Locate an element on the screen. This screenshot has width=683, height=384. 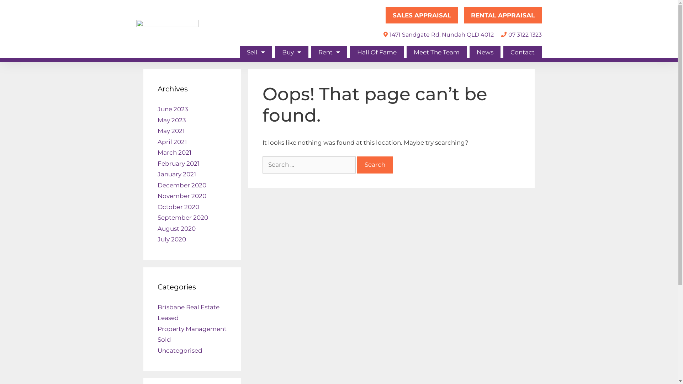
'Leased' is located at coordinates (157, 318).